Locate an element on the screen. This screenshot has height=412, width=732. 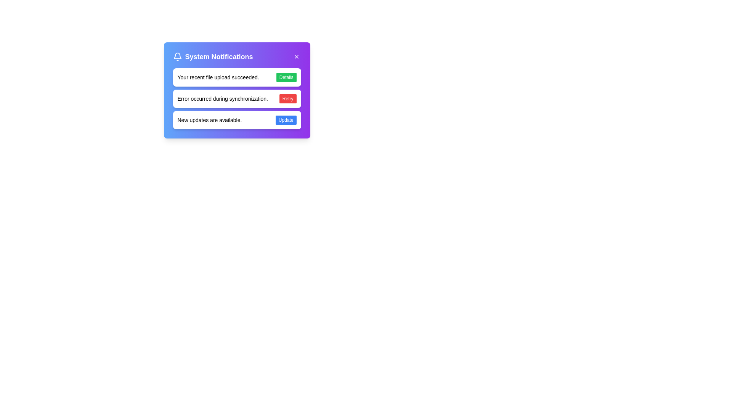
text 'System Notifications' from the text label with a bell icon indicating notification functionality is located at coordinates (213, 56).